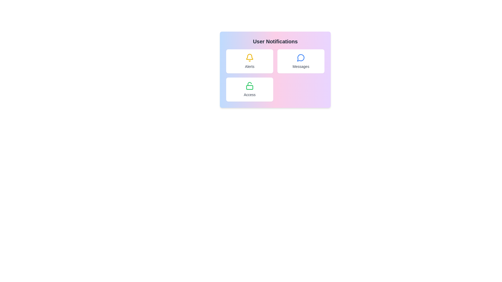  Describe the element at coordinates (249, 57) in the screenshot. I see `the bell icon in the 'Alerts' section of the 'User Notifications' grid` at that location.